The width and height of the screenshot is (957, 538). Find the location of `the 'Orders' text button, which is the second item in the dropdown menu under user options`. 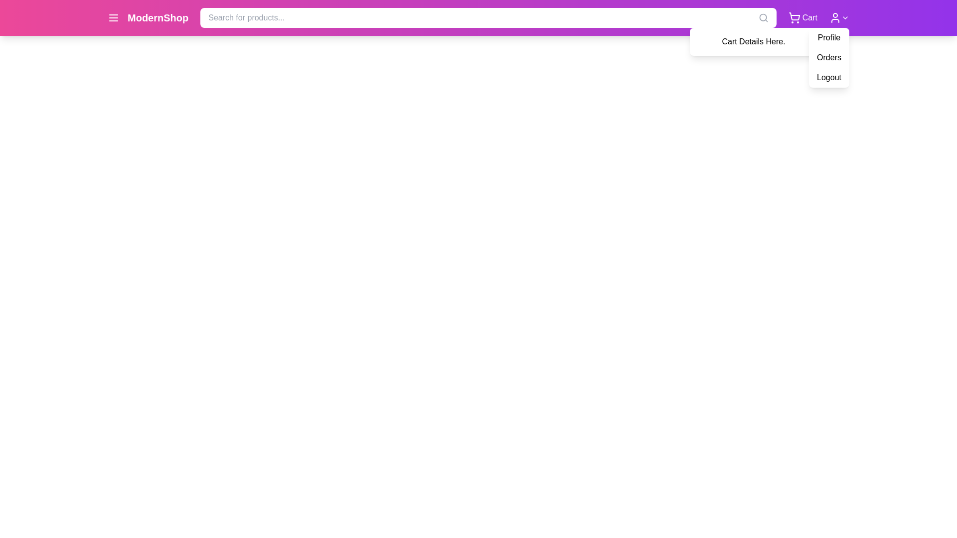

the 'Orders' text button, which is the second item in the dropdown menu under user options is located at coordinates (829, 57).